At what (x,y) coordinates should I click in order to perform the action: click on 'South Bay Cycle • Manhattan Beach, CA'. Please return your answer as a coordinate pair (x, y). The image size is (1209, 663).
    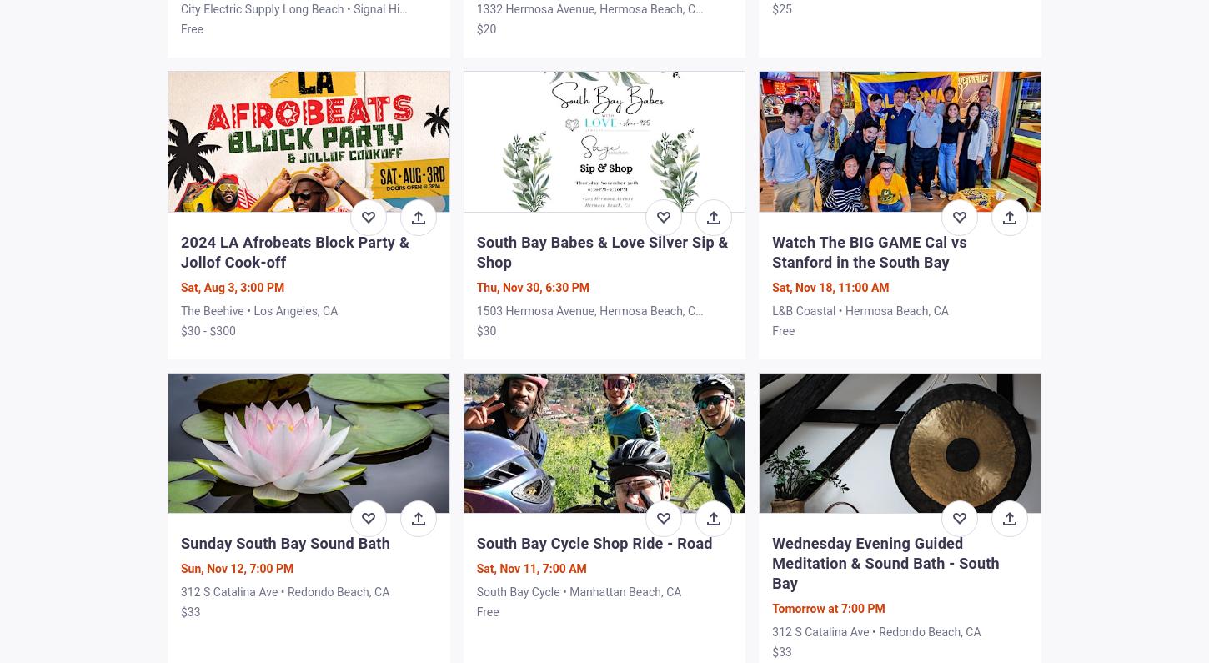
    Looking at the image, I should click on (577, 590).